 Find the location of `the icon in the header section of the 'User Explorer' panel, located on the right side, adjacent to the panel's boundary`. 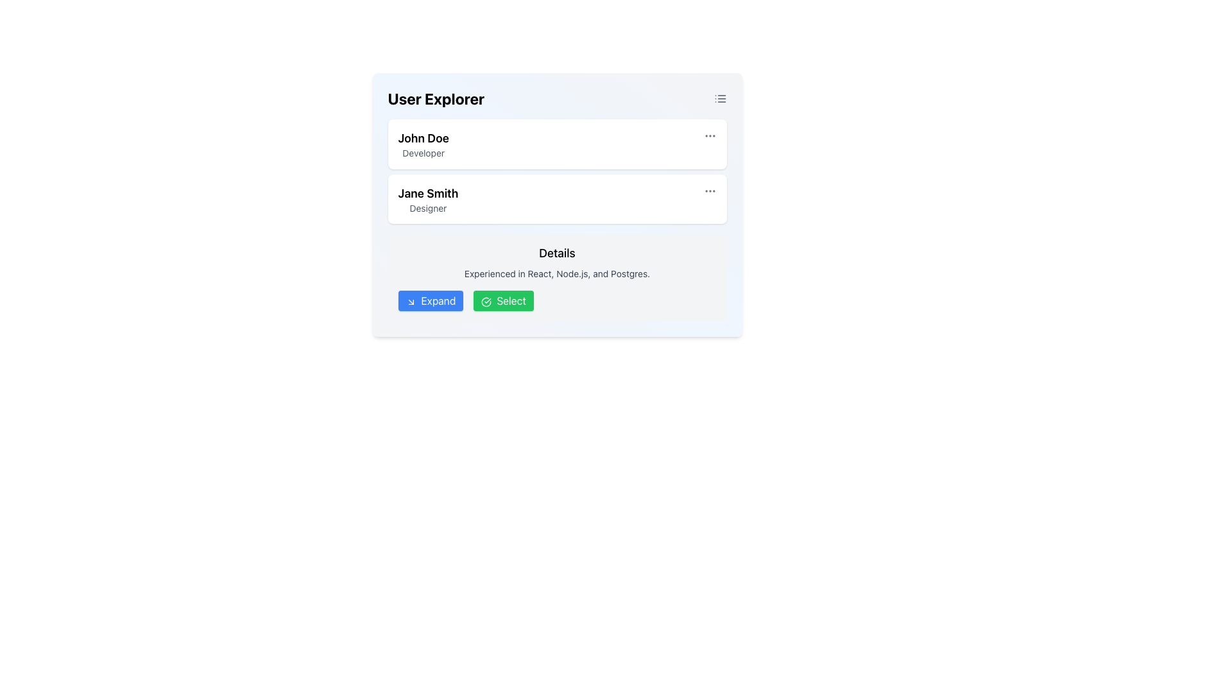

the icon in the header section of the 'User Explorer' panel, located on the right side, adjacent to the panel's boundary is located at coordinates (720, 98).